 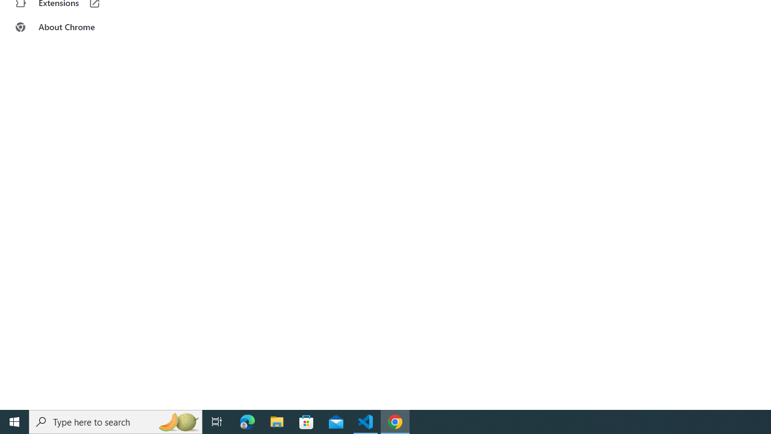 I want to click on 'Task View', so click(x=216, y=421).